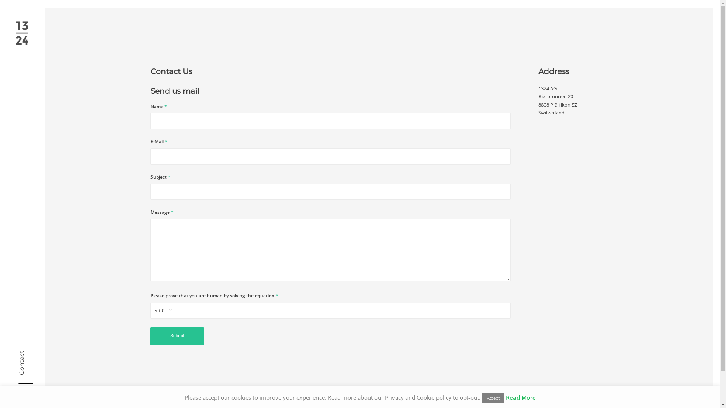 This screenshot has width=726, height=408. What do you see at coordinates (520, 397) in the screenshot?
I see `'Read More'` at bounding box center [520, 397].